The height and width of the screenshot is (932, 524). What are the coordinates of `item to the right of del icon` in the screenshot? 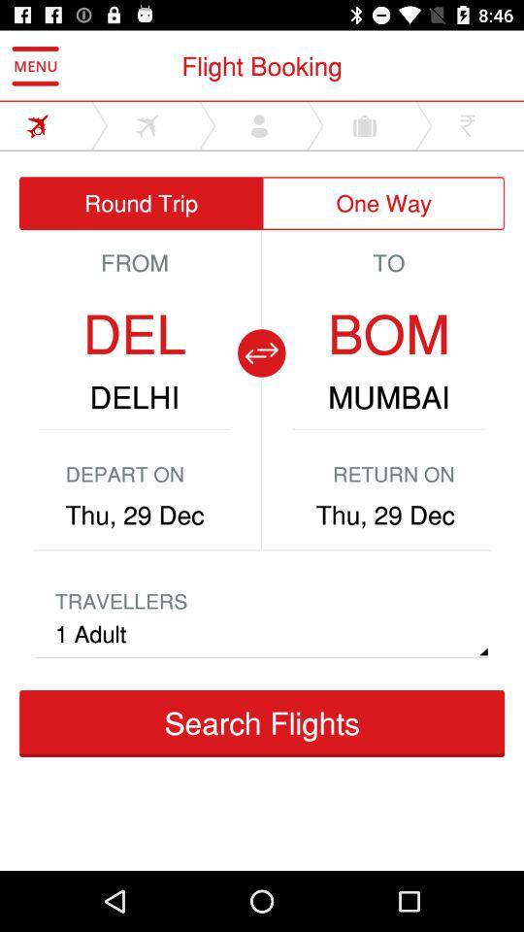 It's located at (261, 351).